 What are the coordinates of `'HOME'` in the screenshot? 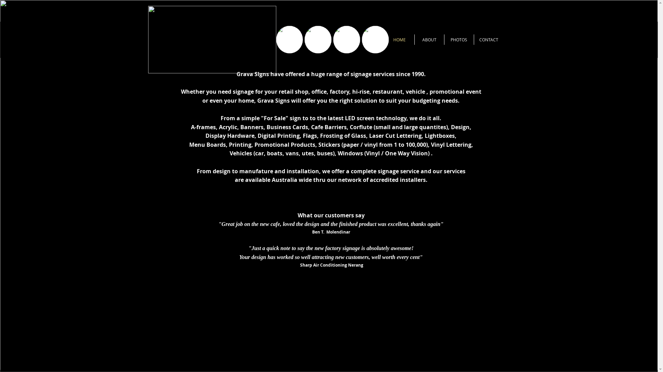 It's located at (399, 40).